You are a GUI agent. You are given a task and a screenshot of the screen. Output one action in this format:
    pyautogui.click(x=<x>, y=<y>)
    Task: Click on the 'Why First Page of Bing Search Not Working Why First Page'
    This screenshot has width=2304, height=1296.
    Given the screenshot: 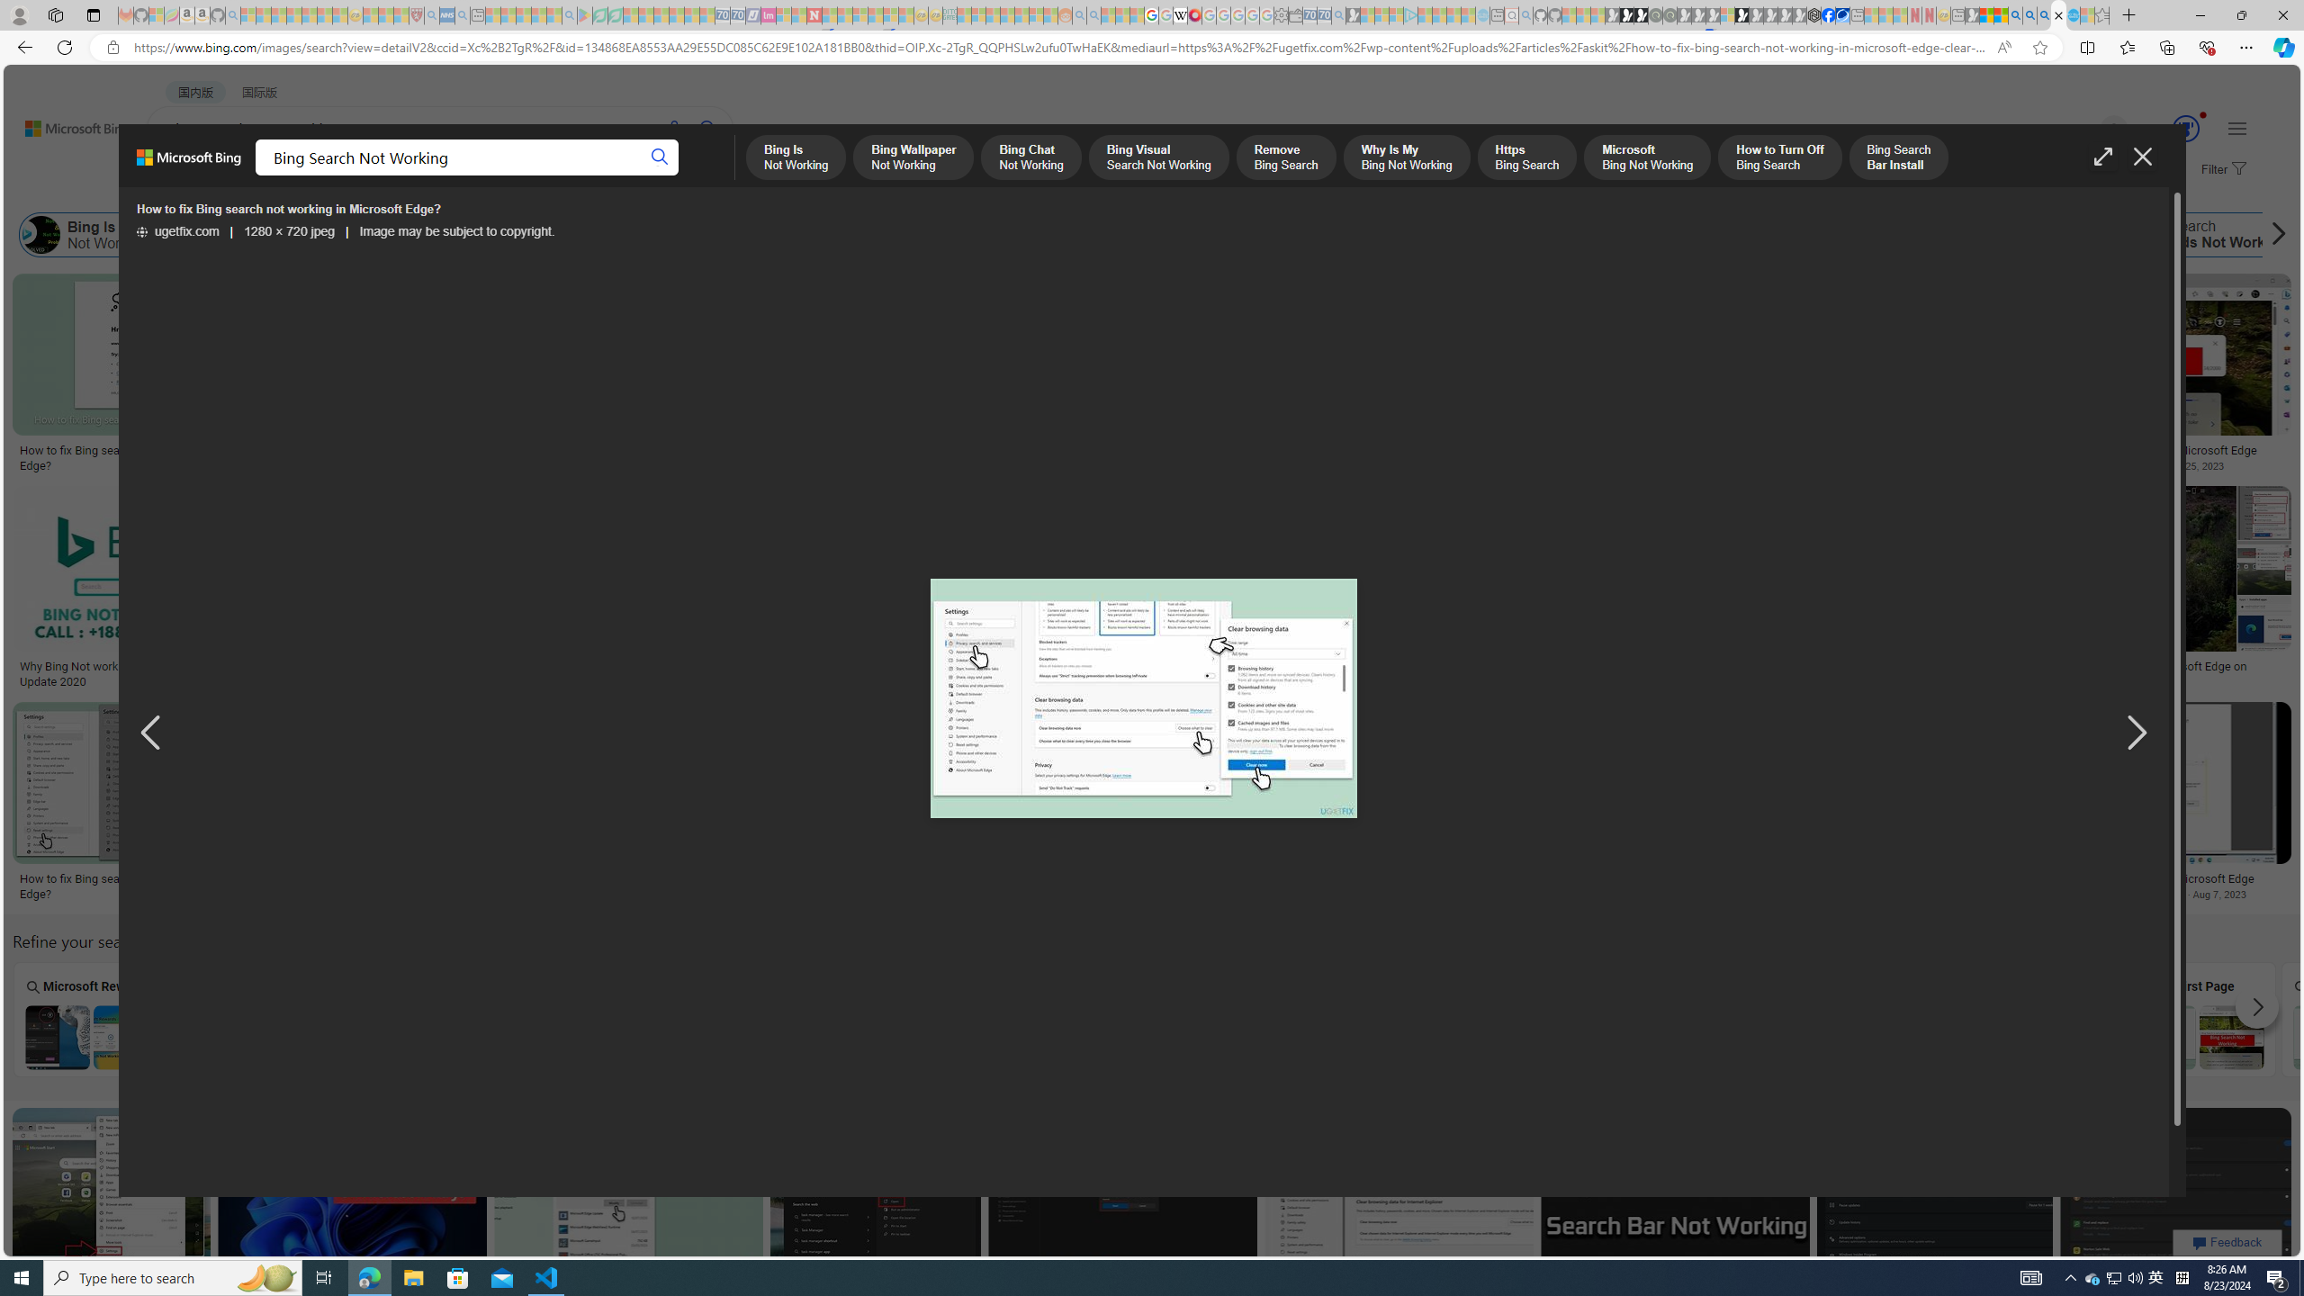 What is the action you would take?
    pyautogui.click(x=2197, y=1018)
    